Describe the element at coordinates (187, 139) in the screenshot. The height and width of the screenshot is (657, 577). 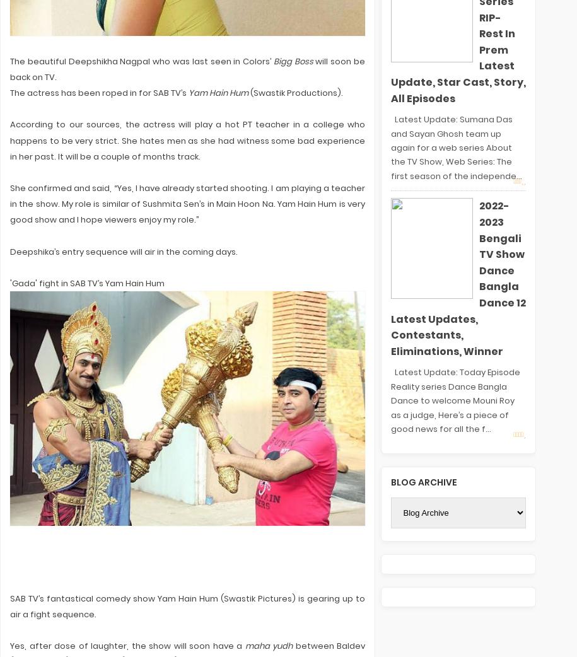
I see `'According
 to our sources, the actress will play a hot PT teacher in a college who
 happens to be very strict. She hates men as she had witness some bad 
experience in her past. It will be a couple of months track.'` at that location.